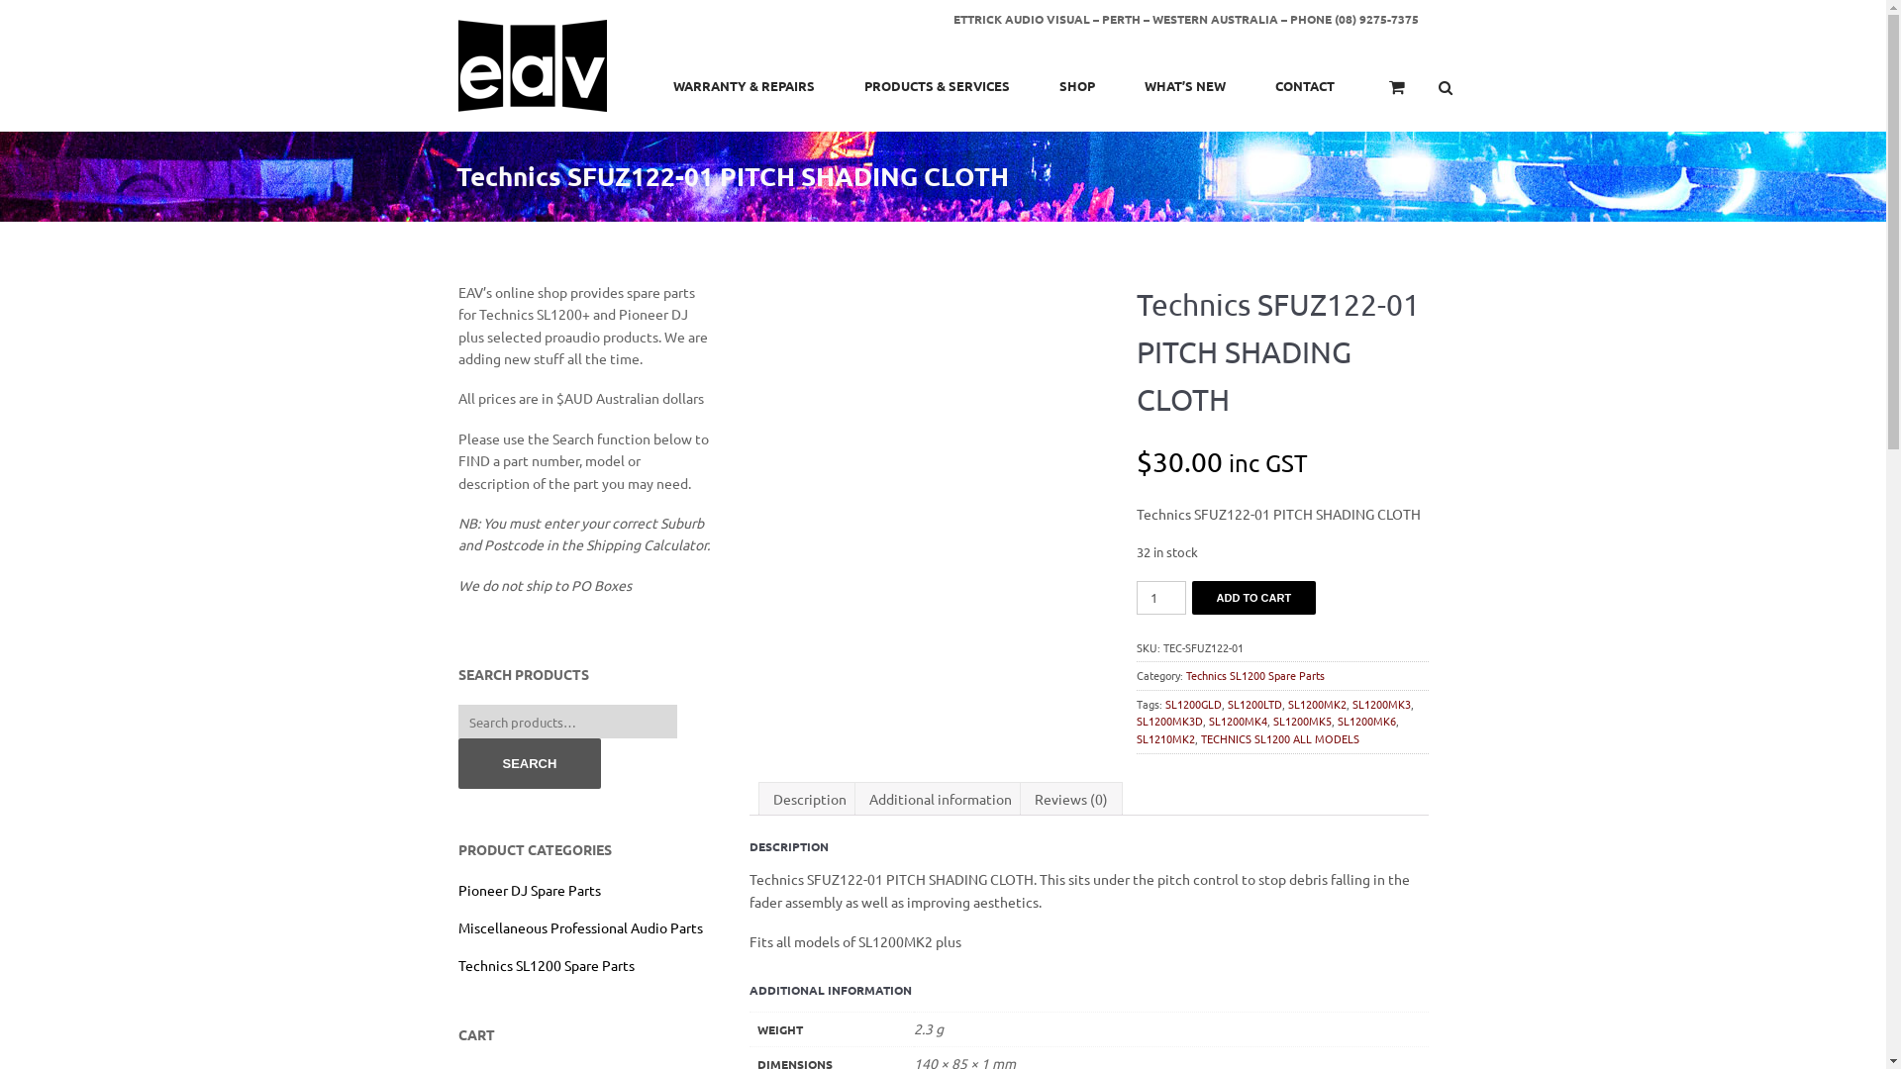 Image resolution: width=1901 pixels, height=1069 pixels. What do you see at coordinates (940, 797) in the screenshot?
I see `'Additional information'` at bounding box center [940, 797].